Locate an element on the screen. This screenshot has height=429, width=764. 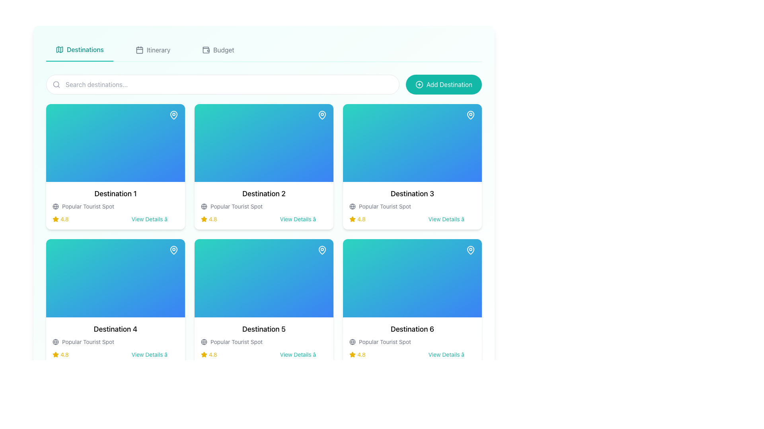
the search icon, which is represented by a magnifying glass symbol, located at the left end inside the search bar area is located at coordinates (56, 84).